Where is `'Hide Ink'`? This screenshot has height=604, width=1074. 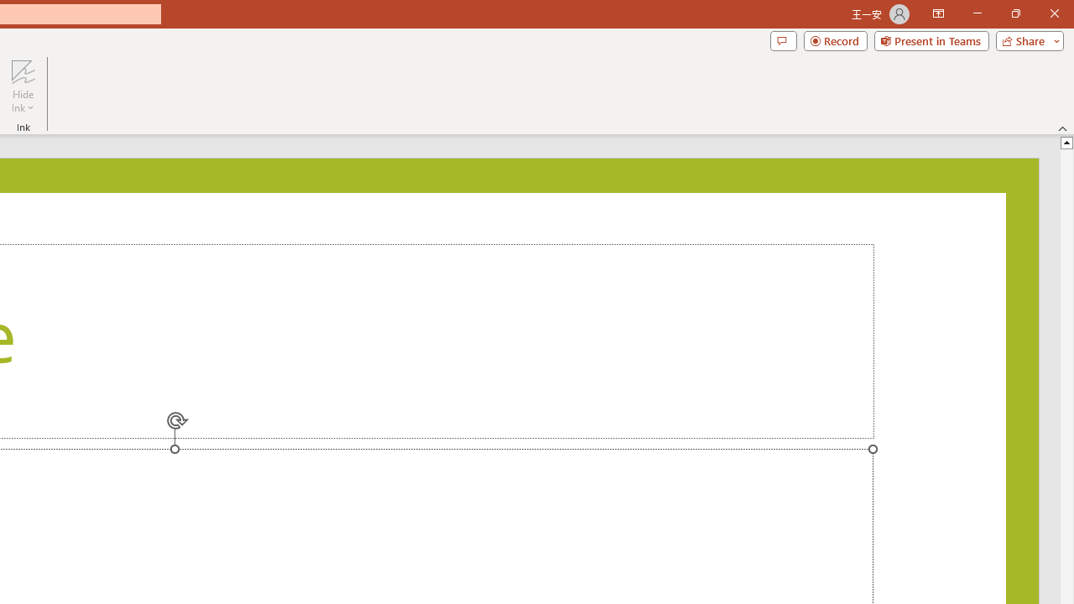 'Hide Ink' is located at coordinates (23, 86).